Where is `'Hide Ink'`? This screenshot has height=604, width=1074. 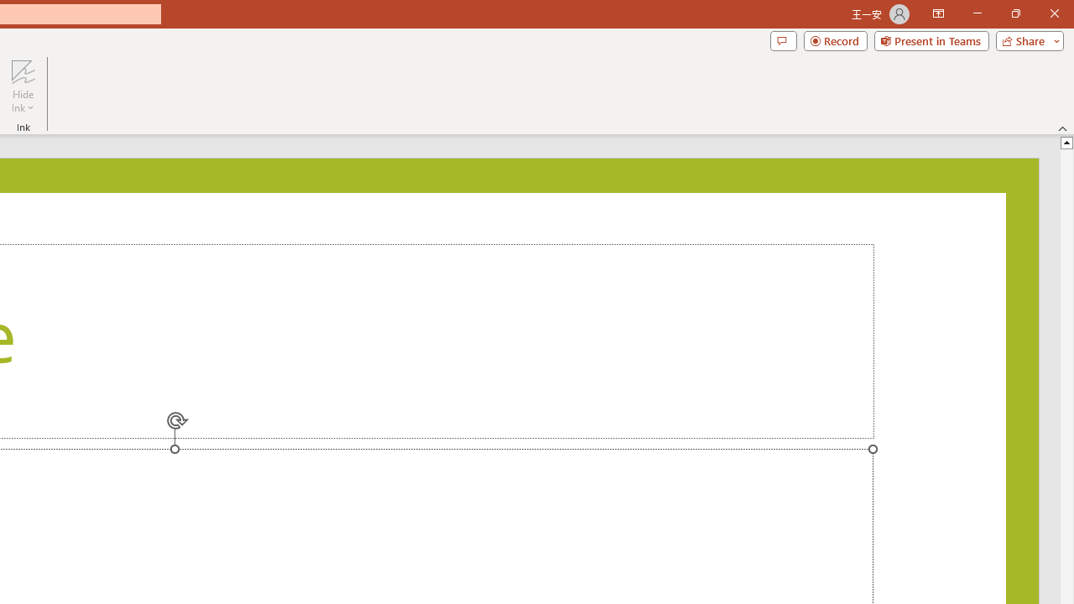 'Hide Ink' is located at coordinates (23, 86).